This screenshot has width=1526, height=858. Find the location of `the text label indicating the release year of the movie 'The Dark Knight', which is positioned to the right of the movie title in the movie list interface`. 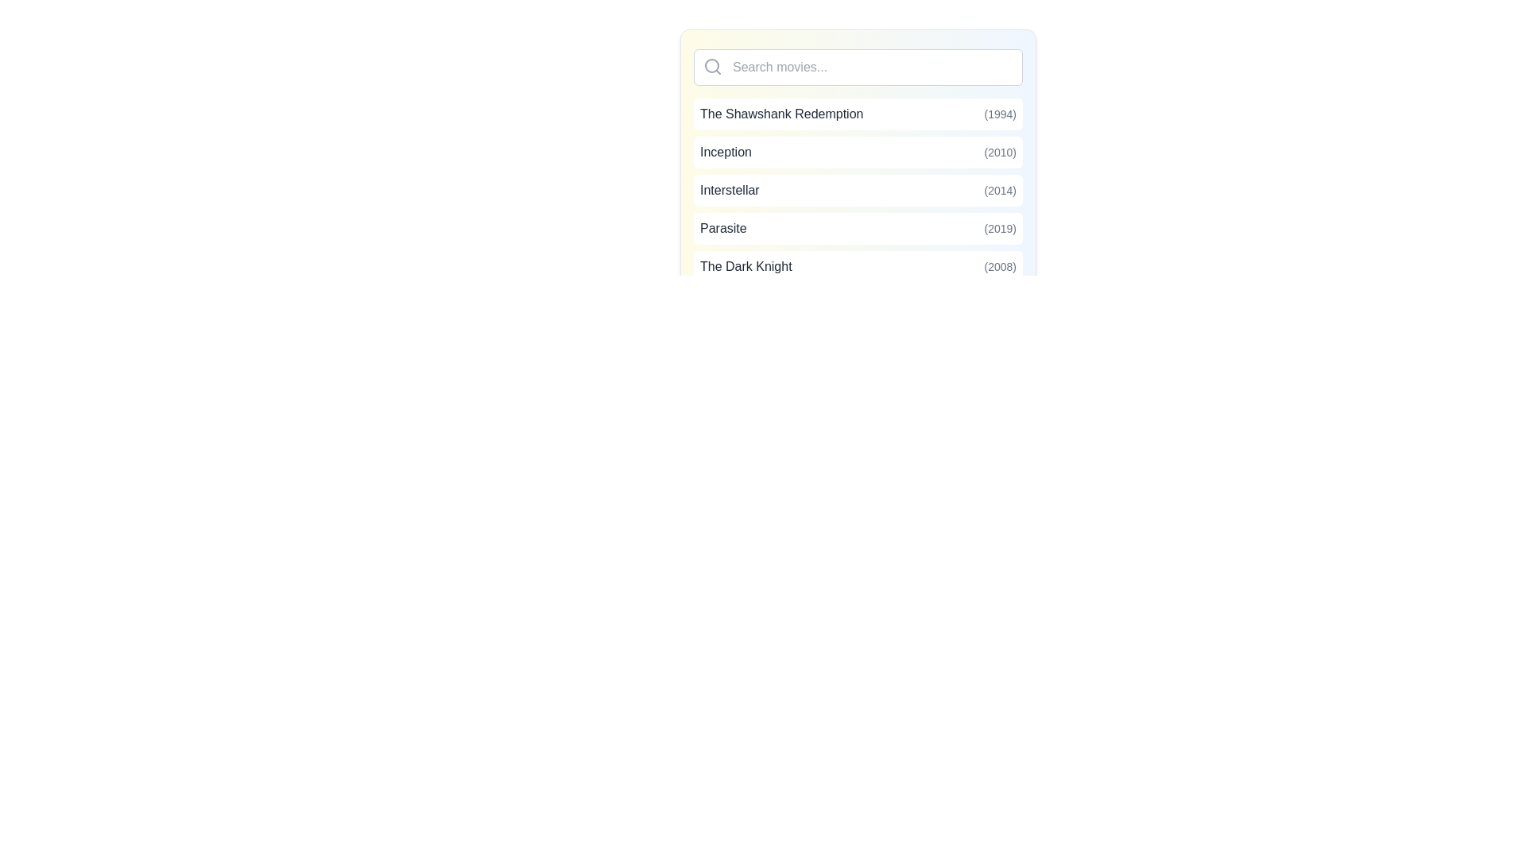

the text label indicating the release year of the movie 'The Dark Knight', which is positioned to the right of the movie title in the movie list interface is located at coordinates (999, 265).